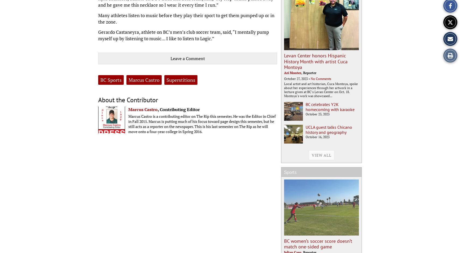  What do you see at coordinates (128, 100) in the screenshot?
I see `'About the Contributor'` at bounding box center [128, 100].